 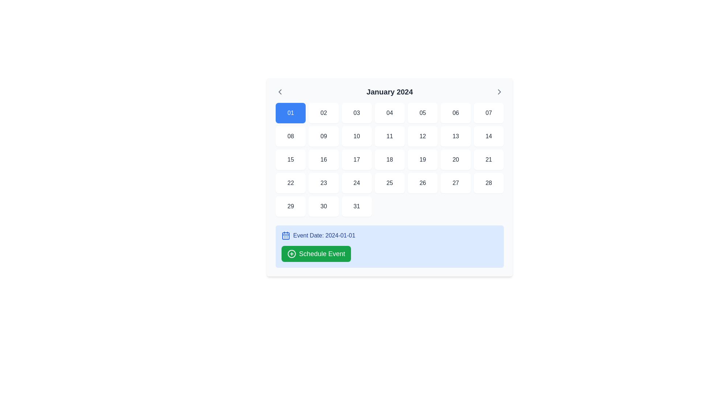 What do you see at coordinates (324, 235) in the screenshot?
I see `the text label displaying 'Event Date: 2024-01-01' in dark blue font, which is located on a light blue background and positioned to the right of a calendar icon` at bounding box center [324, 235].